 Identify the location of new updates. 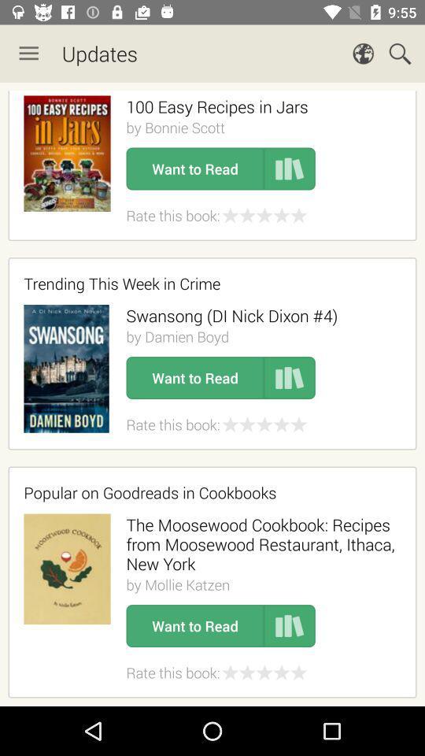
(213, 394).